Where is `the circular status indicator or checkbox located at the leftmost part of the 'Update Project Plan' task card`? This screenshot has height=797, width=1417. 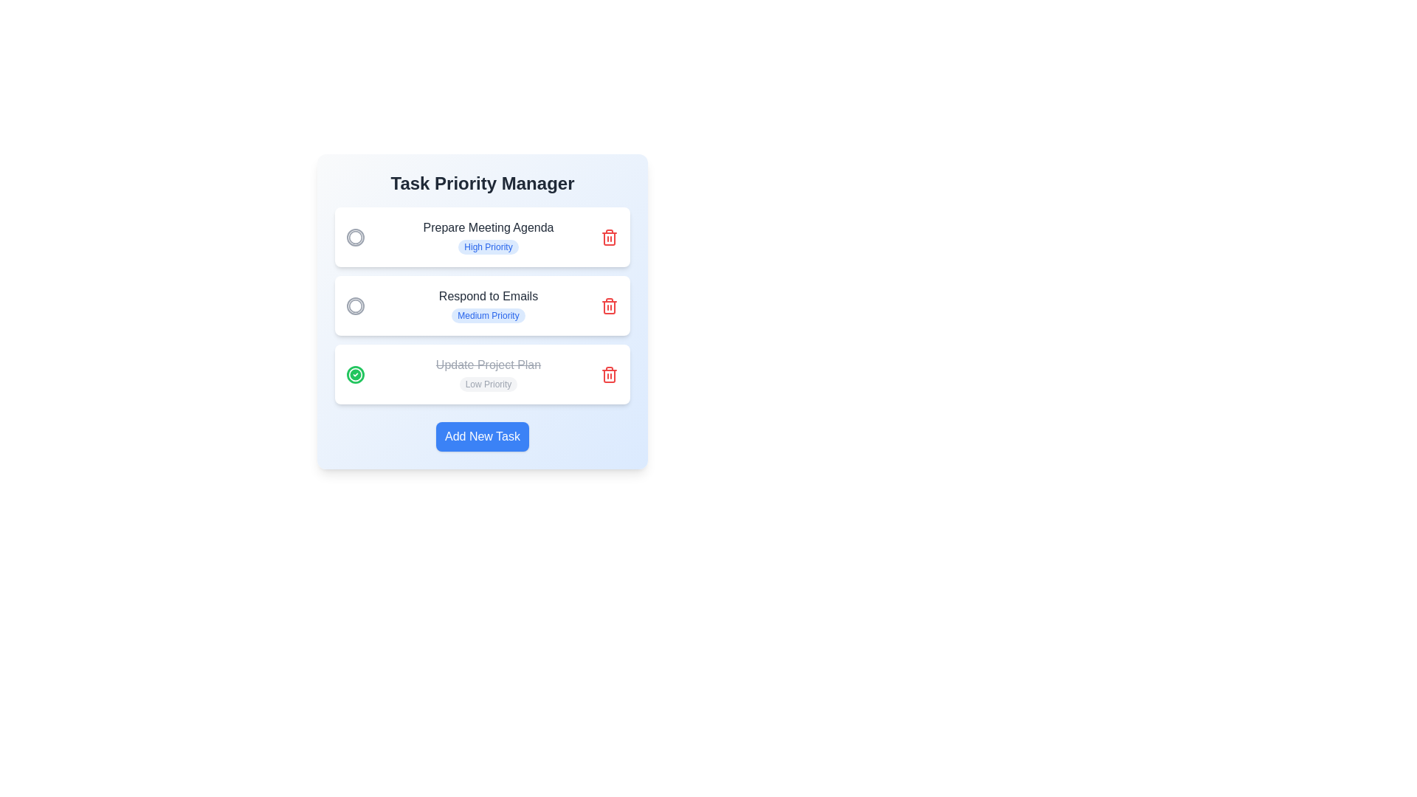
the circular status indicator or checkbox located at the leftmost part of the 'Update Project Plan' task card is located at coordinates (355, 373).